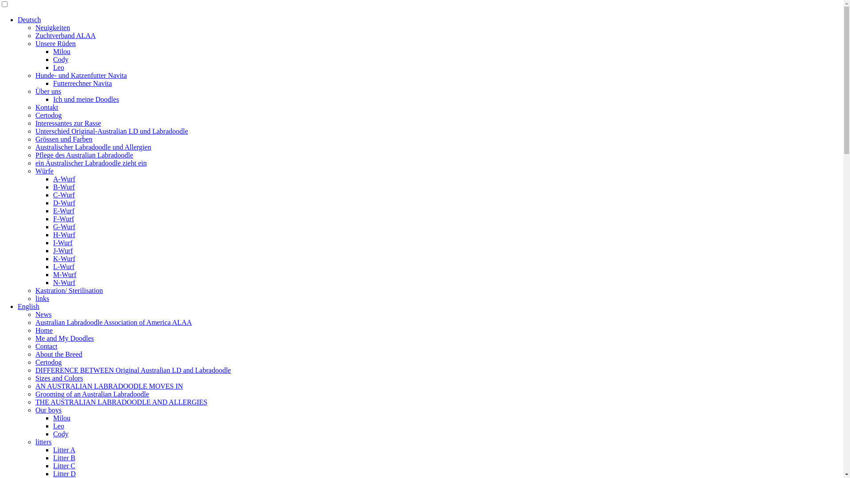  I want to click on 'DIFFERENCE BETWEEN Original Australian LD and Labradoodle', so click(133, 370).